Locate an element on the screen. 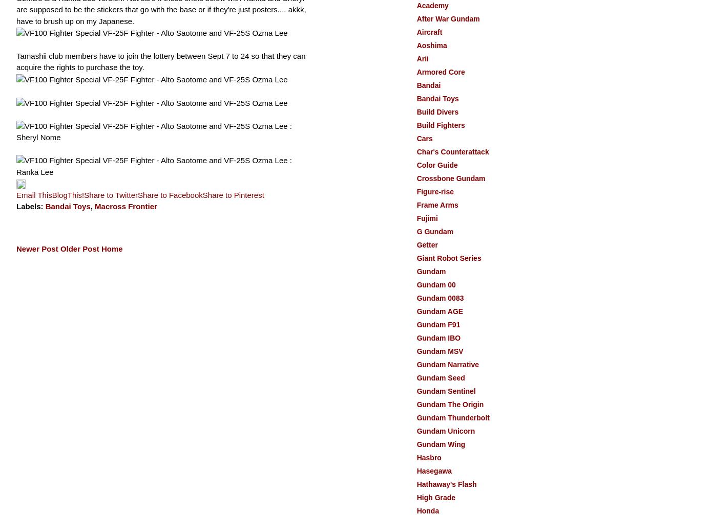  'Bandai' is located at coordinates (428, 85).